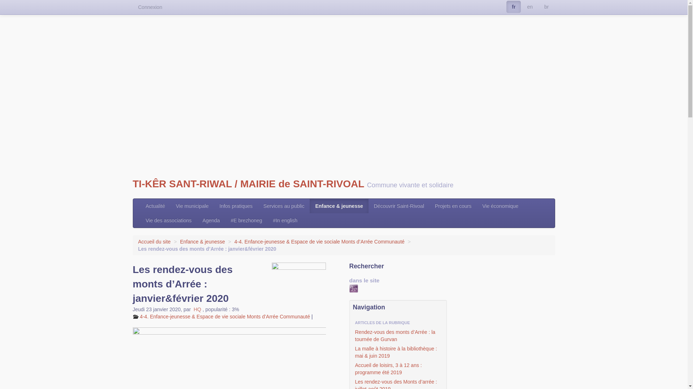 The width and height of the screenshot is (693, 389). Describe the element at coordinates (258, 206) in the screenshot. I see `'Services au public'` at that location.